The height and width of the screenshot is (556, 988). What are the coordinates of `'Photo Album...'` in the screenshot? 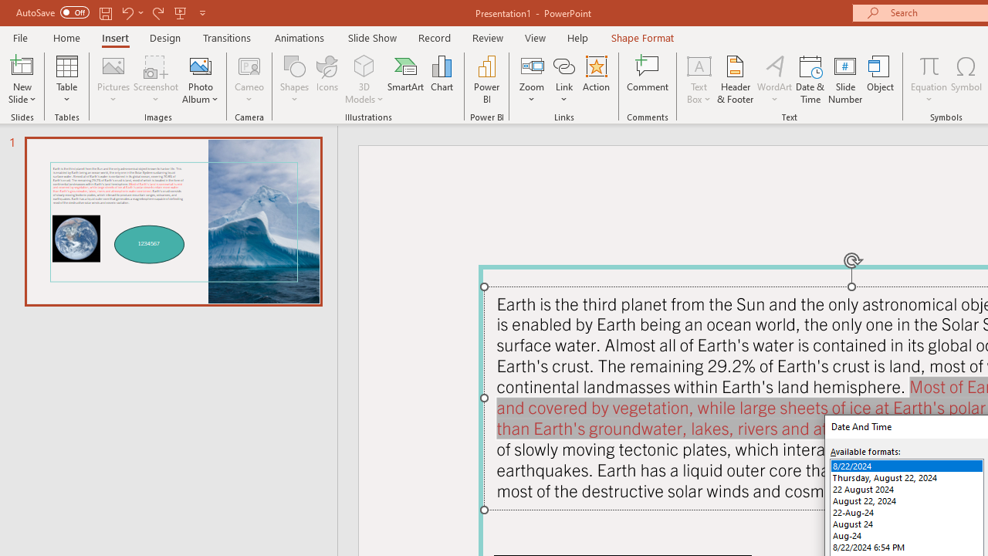 It's located at (199, 80).